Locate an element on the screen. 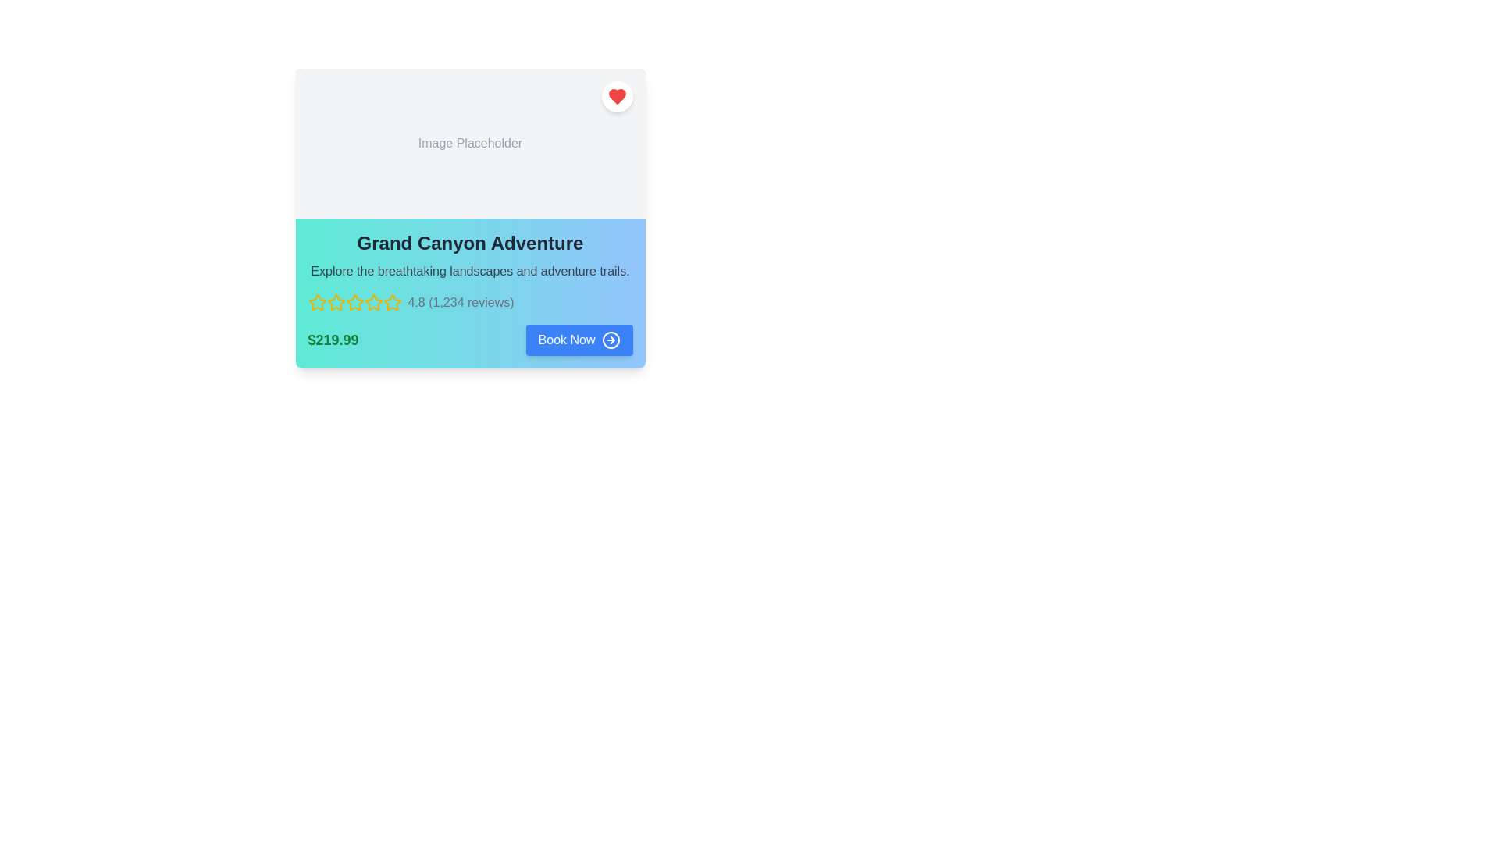 Image resolution: width=1499 pixels, height=843 pixels. the 'Book Now' button located at the bottom-right of the 'Grand Canyon Adventure' card to initiate the booking process is located at coordinates (579, 339).